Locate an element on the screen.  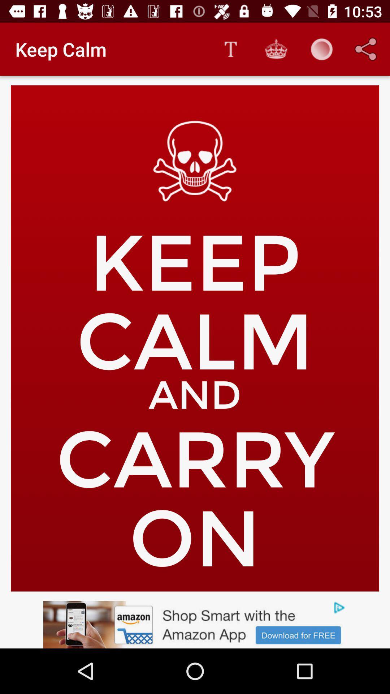
the app next to keep calm is located at coordinates (231, 49).